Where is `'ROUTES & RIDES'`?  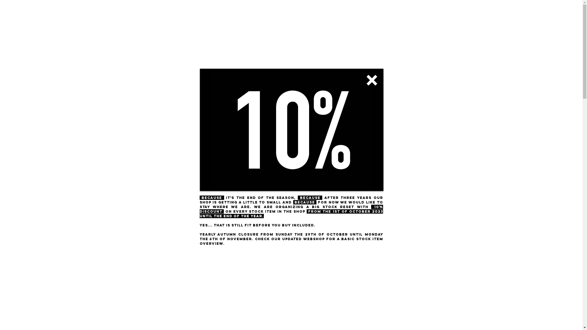
'ROUTES & RIDES' is located at coordinates (277, 32).